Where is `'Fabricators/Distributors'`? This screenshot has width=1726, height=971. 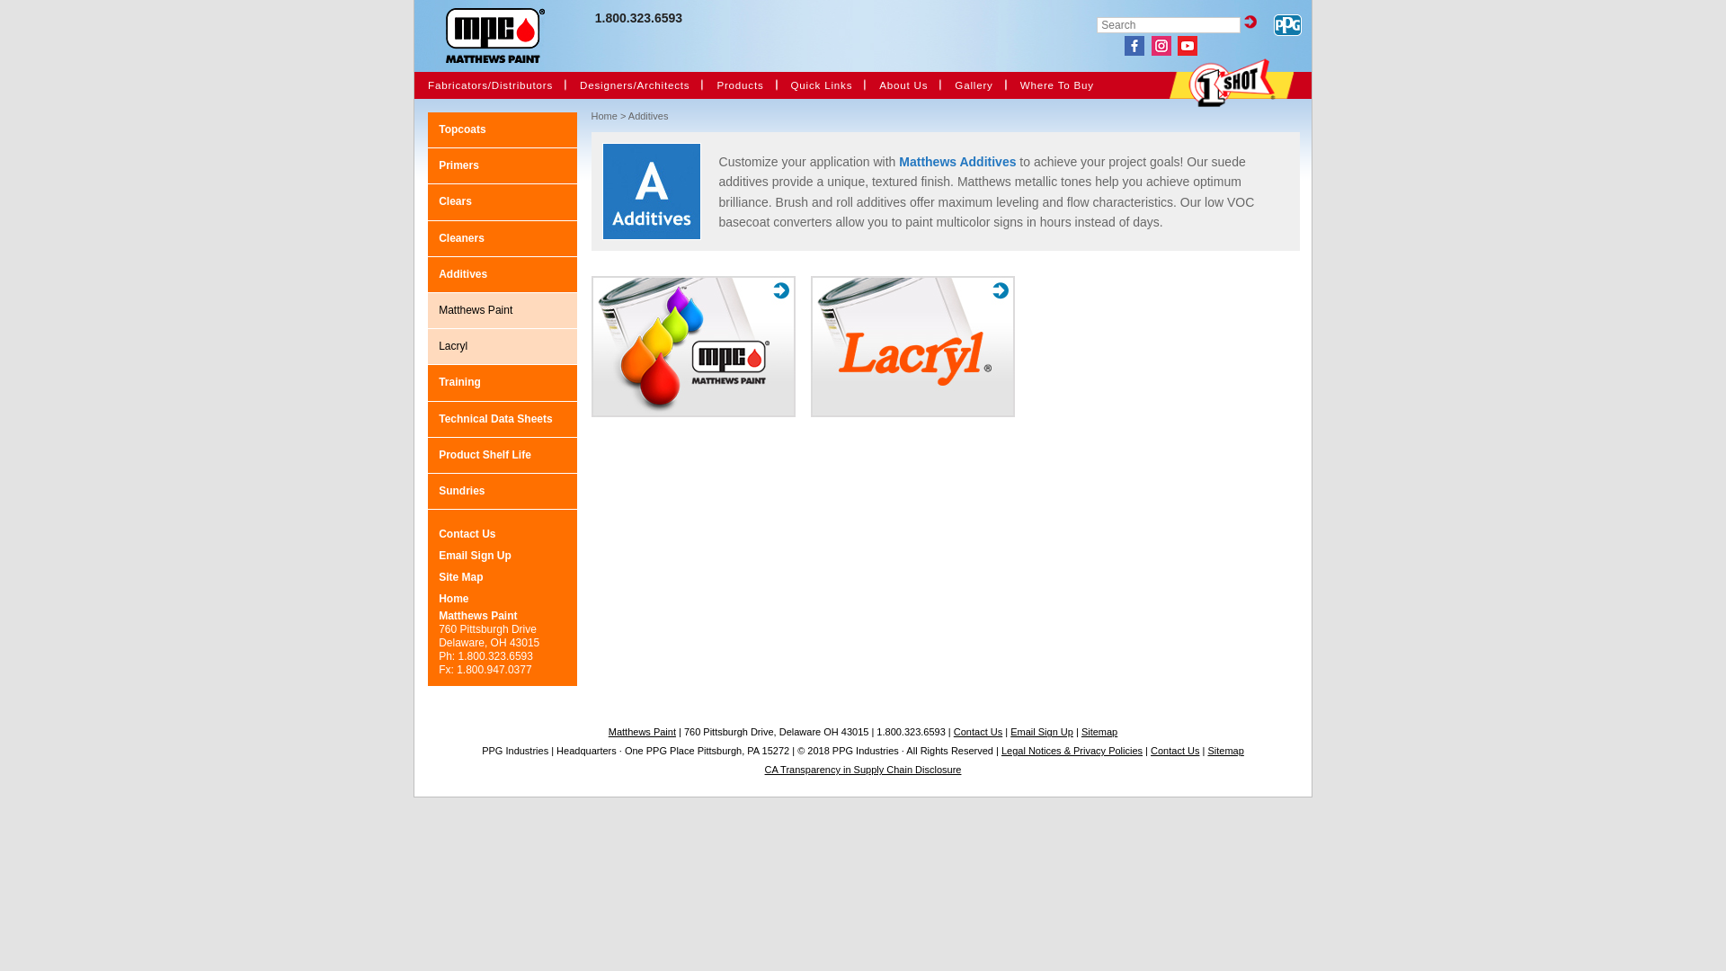 'Fabricators/Distributors' is located at coordinates (490, 85).